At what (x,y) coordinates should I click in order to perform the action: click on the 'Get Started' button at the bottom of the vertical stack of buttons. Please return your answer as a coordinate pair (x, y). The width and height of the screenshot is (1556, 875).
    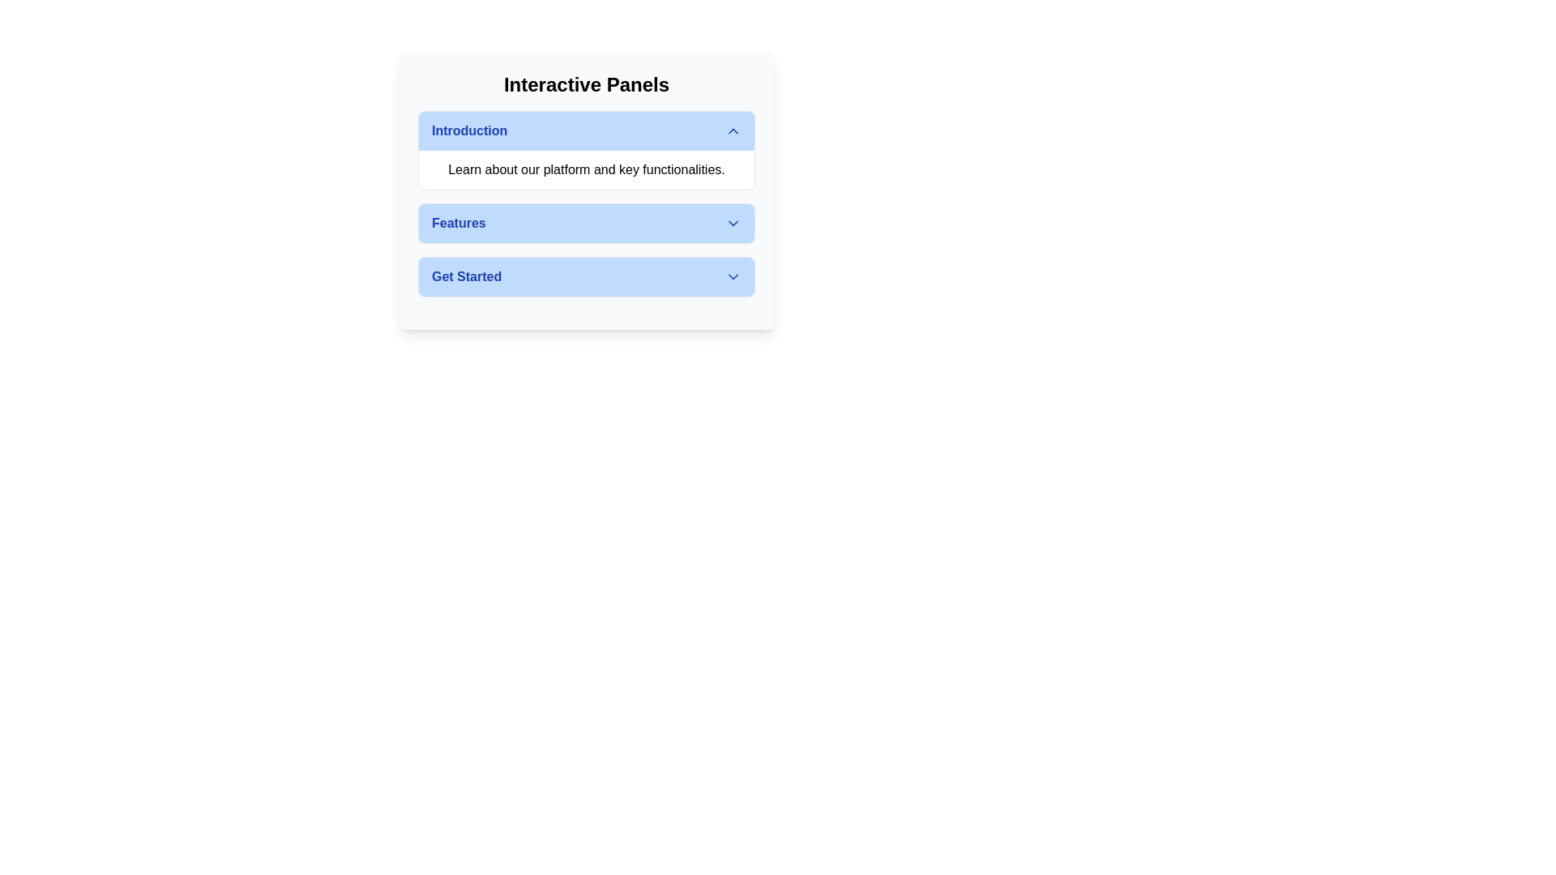
    Looking at the image, I should click on (586, 276).